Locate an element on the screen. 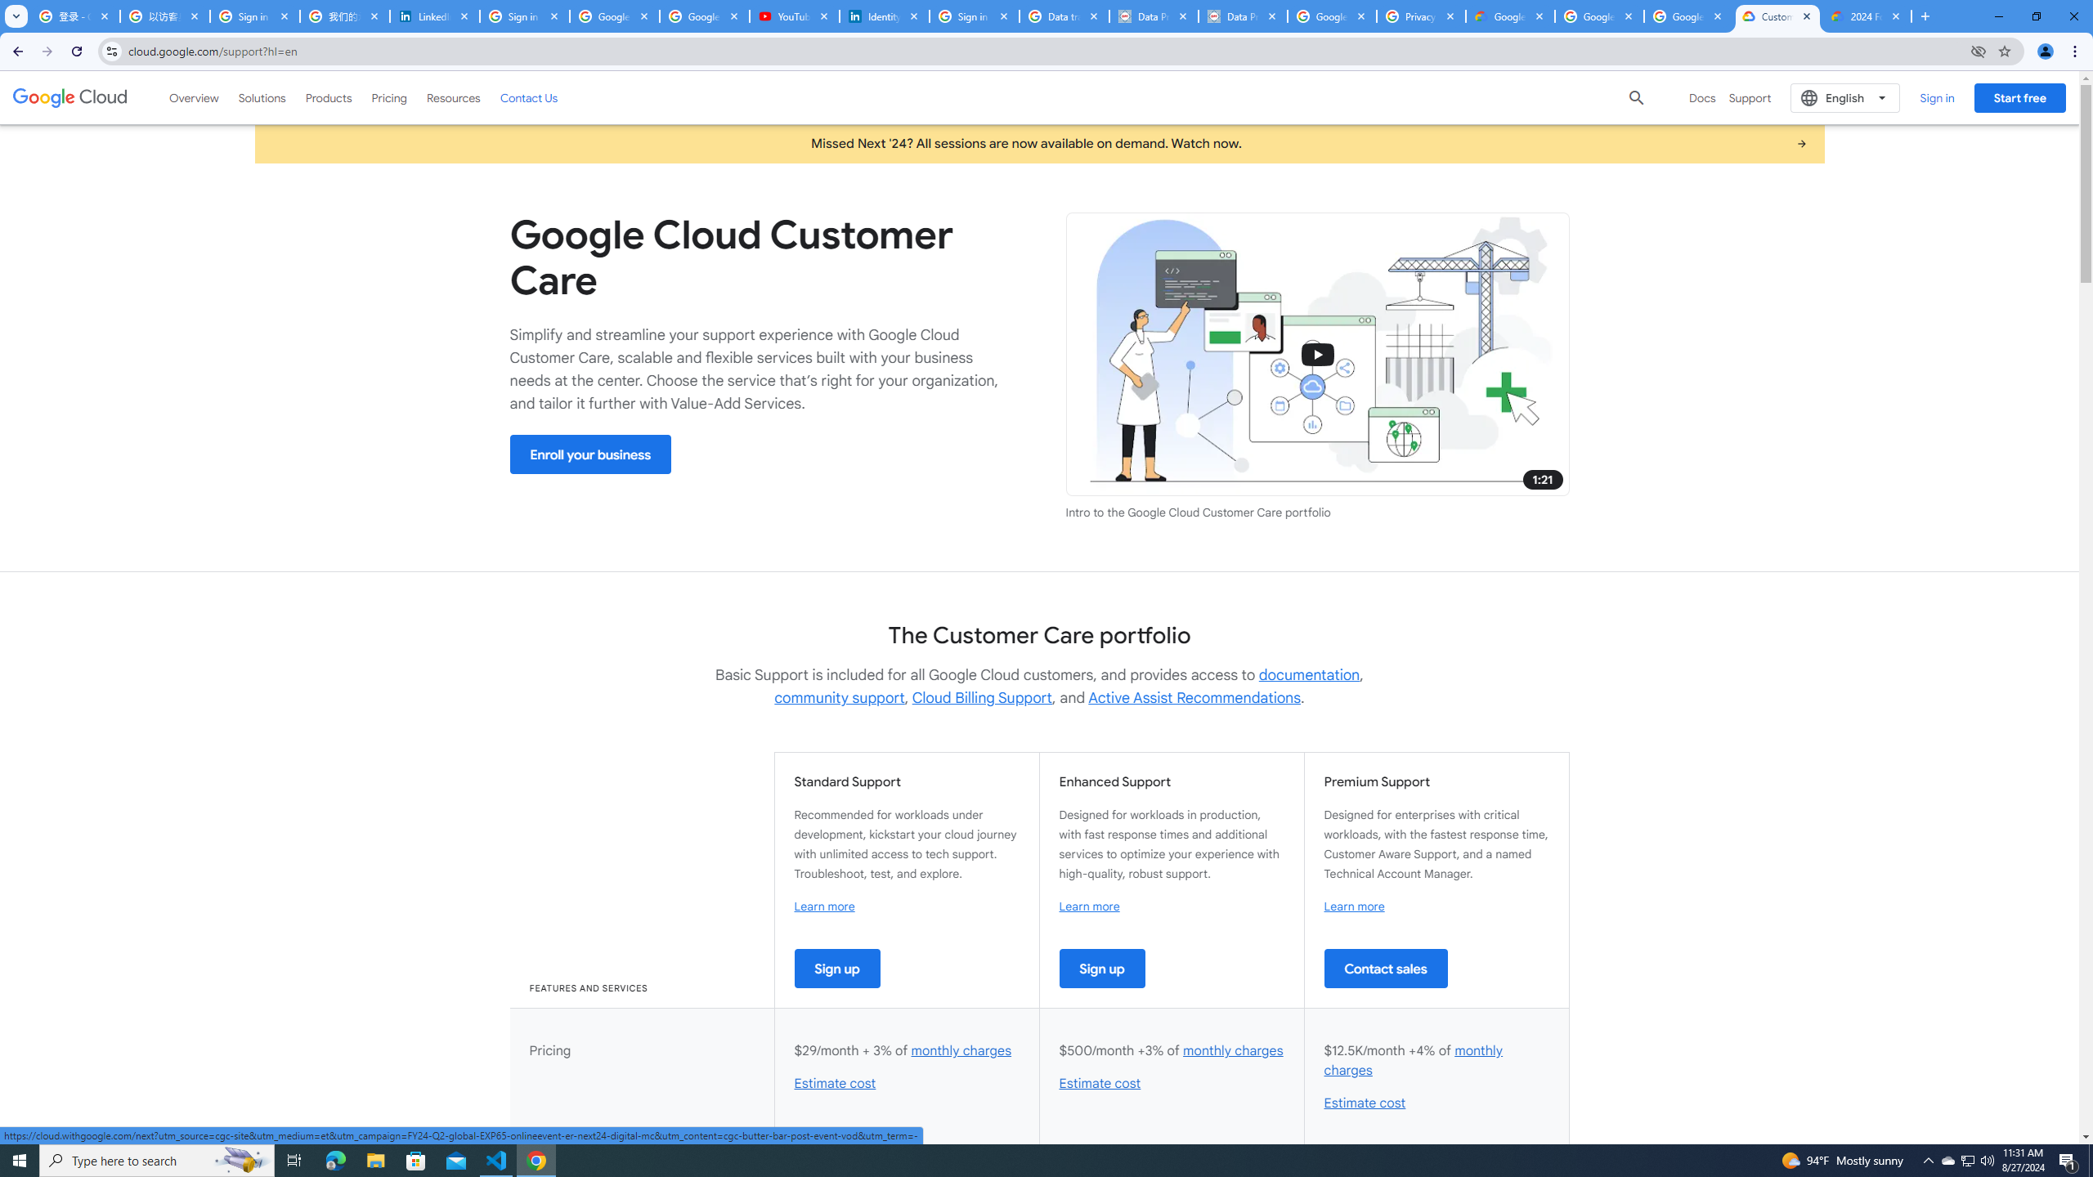  'community support' is located at coordinates (839, 697).